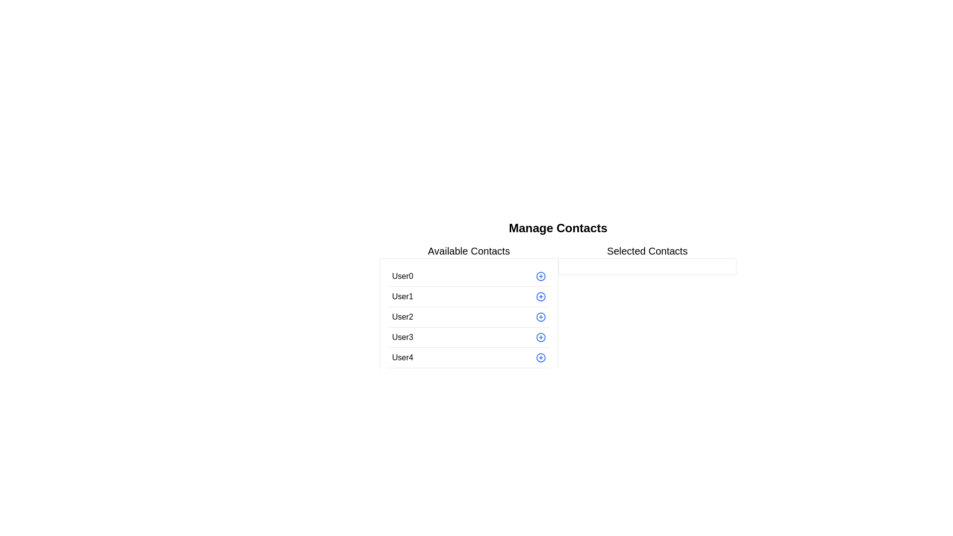 The image size is (953, 536). Describe the element at coordinates (403, 317) in the screenshot. I see `the text label 'User2' which is the third item in the list under 'Available Contacts'` at that location.